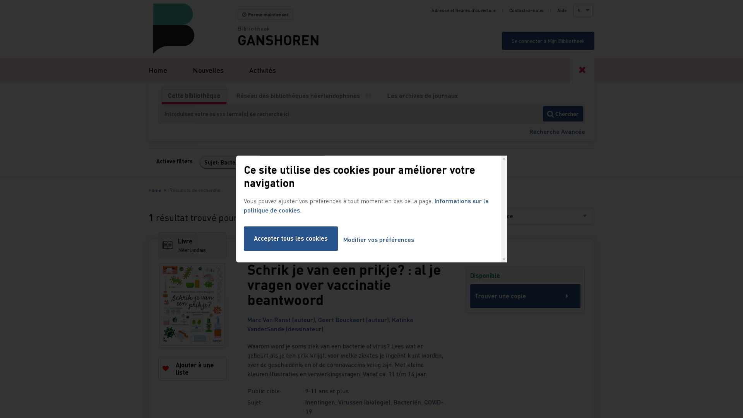 This screenshot has width=743, height=418. I want to click on 'Inentingen', so click(320, 401).